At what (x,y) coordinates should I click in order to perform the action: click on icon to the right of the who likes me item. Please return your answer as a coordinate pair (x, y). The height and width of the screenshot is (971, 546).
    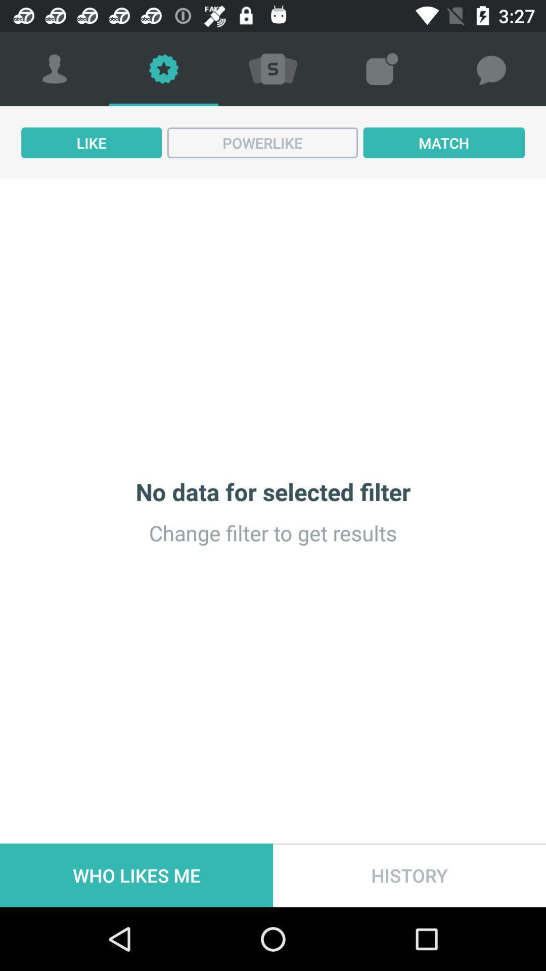
    Looking at the image, I should click on (409, 875).